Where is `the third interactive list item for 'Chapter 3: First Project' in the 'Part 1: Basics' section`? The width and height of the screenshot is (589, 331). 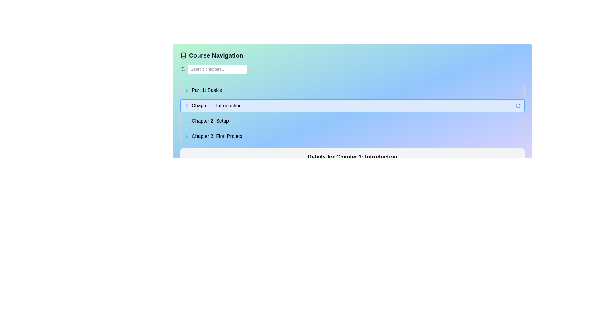 the third interactive list item for 'Chapter 3: First Project' in the 'Part 1: Basics' section is located at coordinates (352, 136).